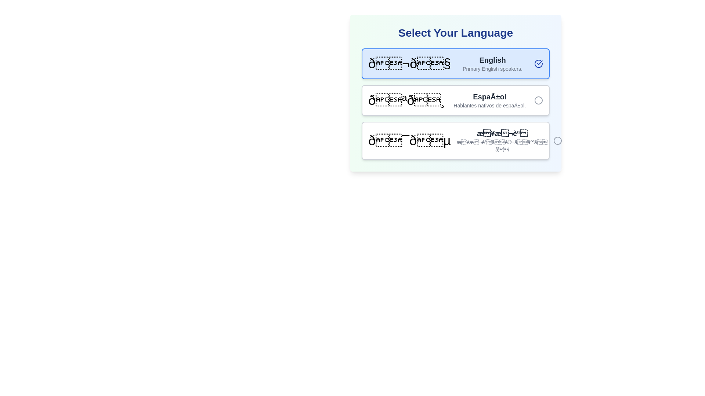 This screenshot has height=396, width=705. What do you see at coordinates (489, 106) in the screenshot?
I see `the static text element that provides a description for the 'Español' language option, located directly under the bold 'Español' label` at bounding box center [489, 106].